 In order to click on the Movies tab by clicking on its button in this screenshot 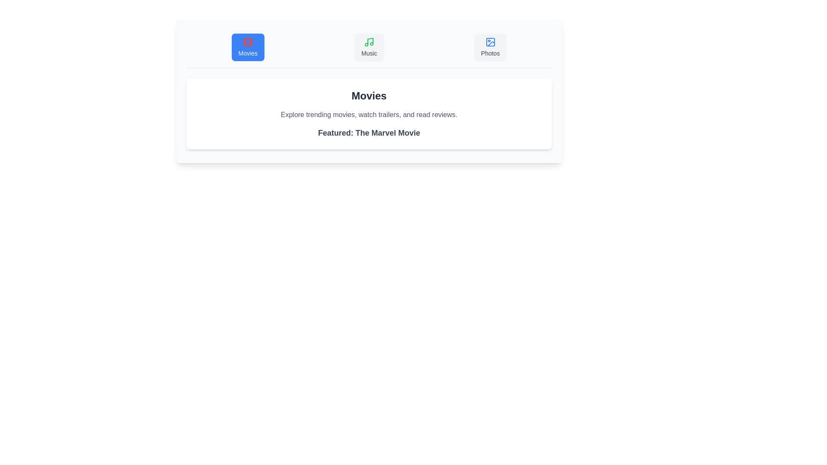, I will do `click(247, 47)`.